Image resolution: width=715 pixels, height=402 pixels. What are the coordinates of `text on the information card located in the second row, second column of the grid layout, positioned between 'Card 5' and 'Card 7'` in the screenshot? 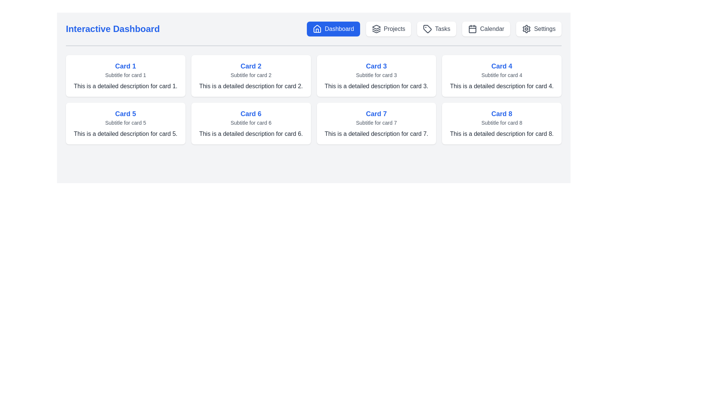 It's located at (251, 123).